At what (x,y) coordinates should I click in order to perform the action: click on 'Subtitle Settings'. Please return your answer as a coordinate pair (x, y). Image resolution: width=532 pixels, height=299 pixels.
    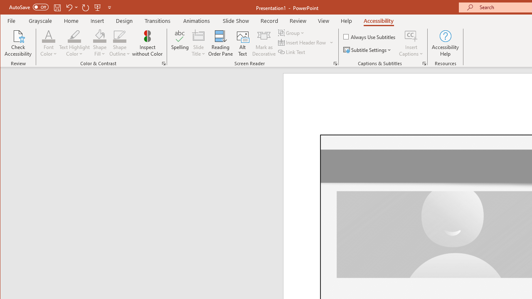
    Looking at the image, I should click on (367, 50).